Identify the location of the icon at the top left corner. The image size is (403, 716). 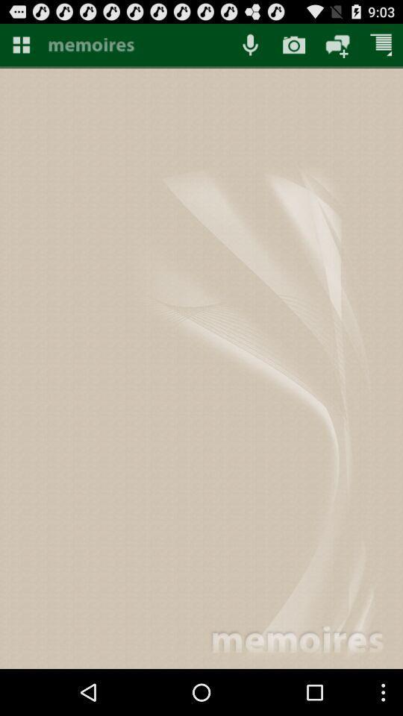
(20, 44).